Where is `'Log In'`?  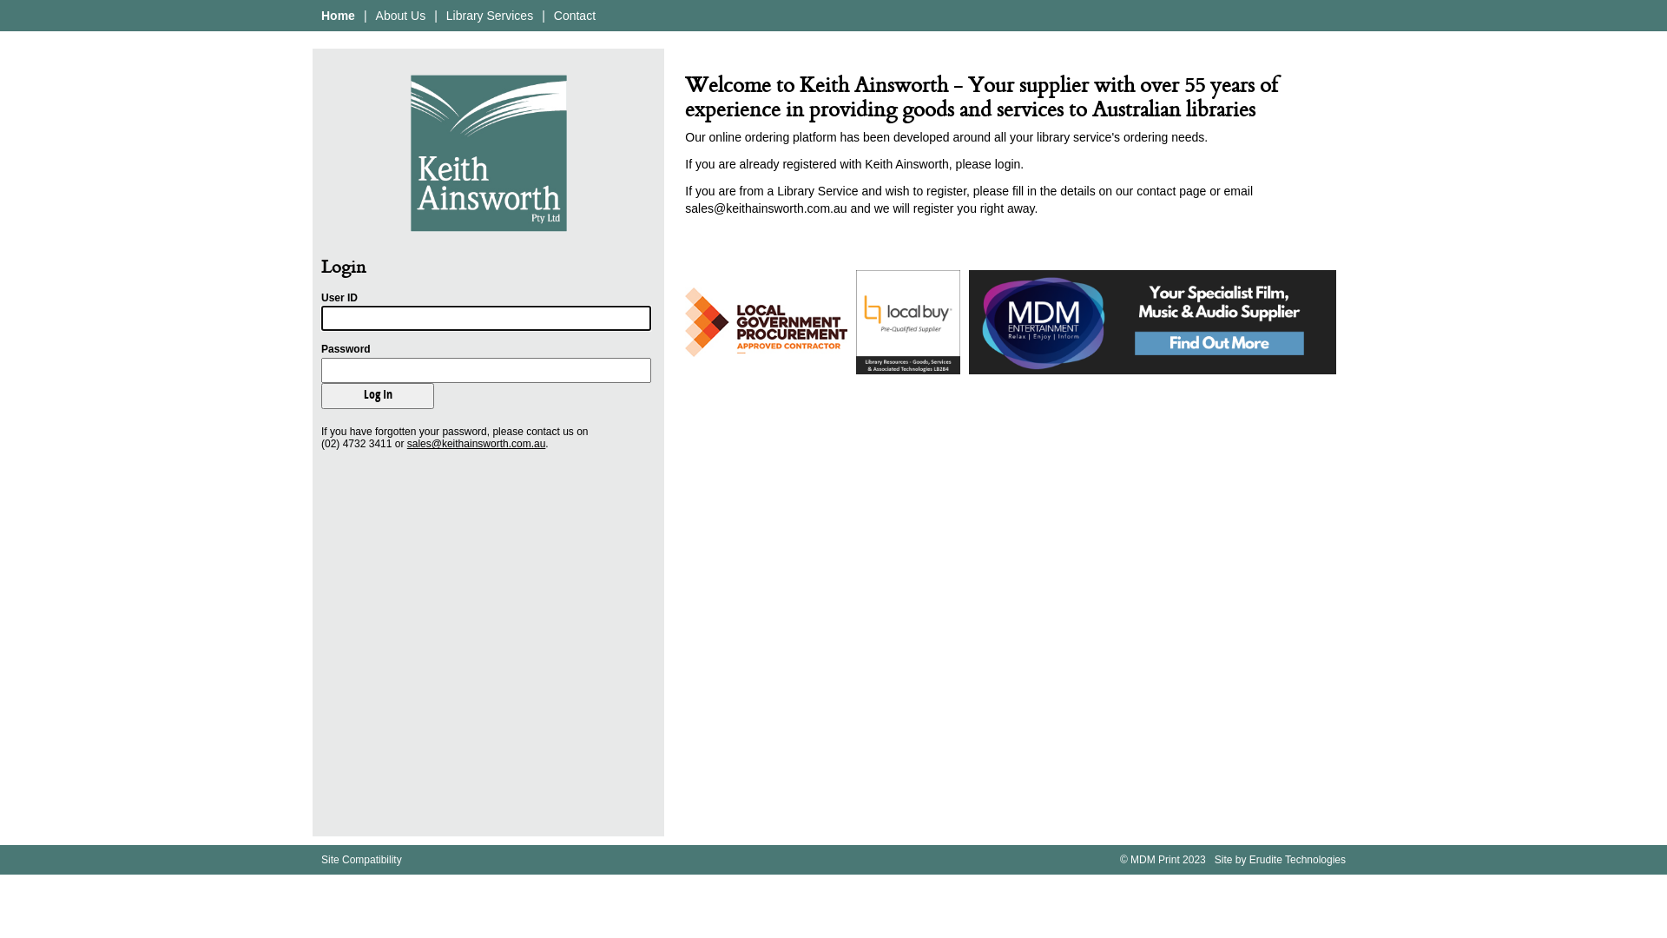
'Log In' is located at coordinates (377, 395).